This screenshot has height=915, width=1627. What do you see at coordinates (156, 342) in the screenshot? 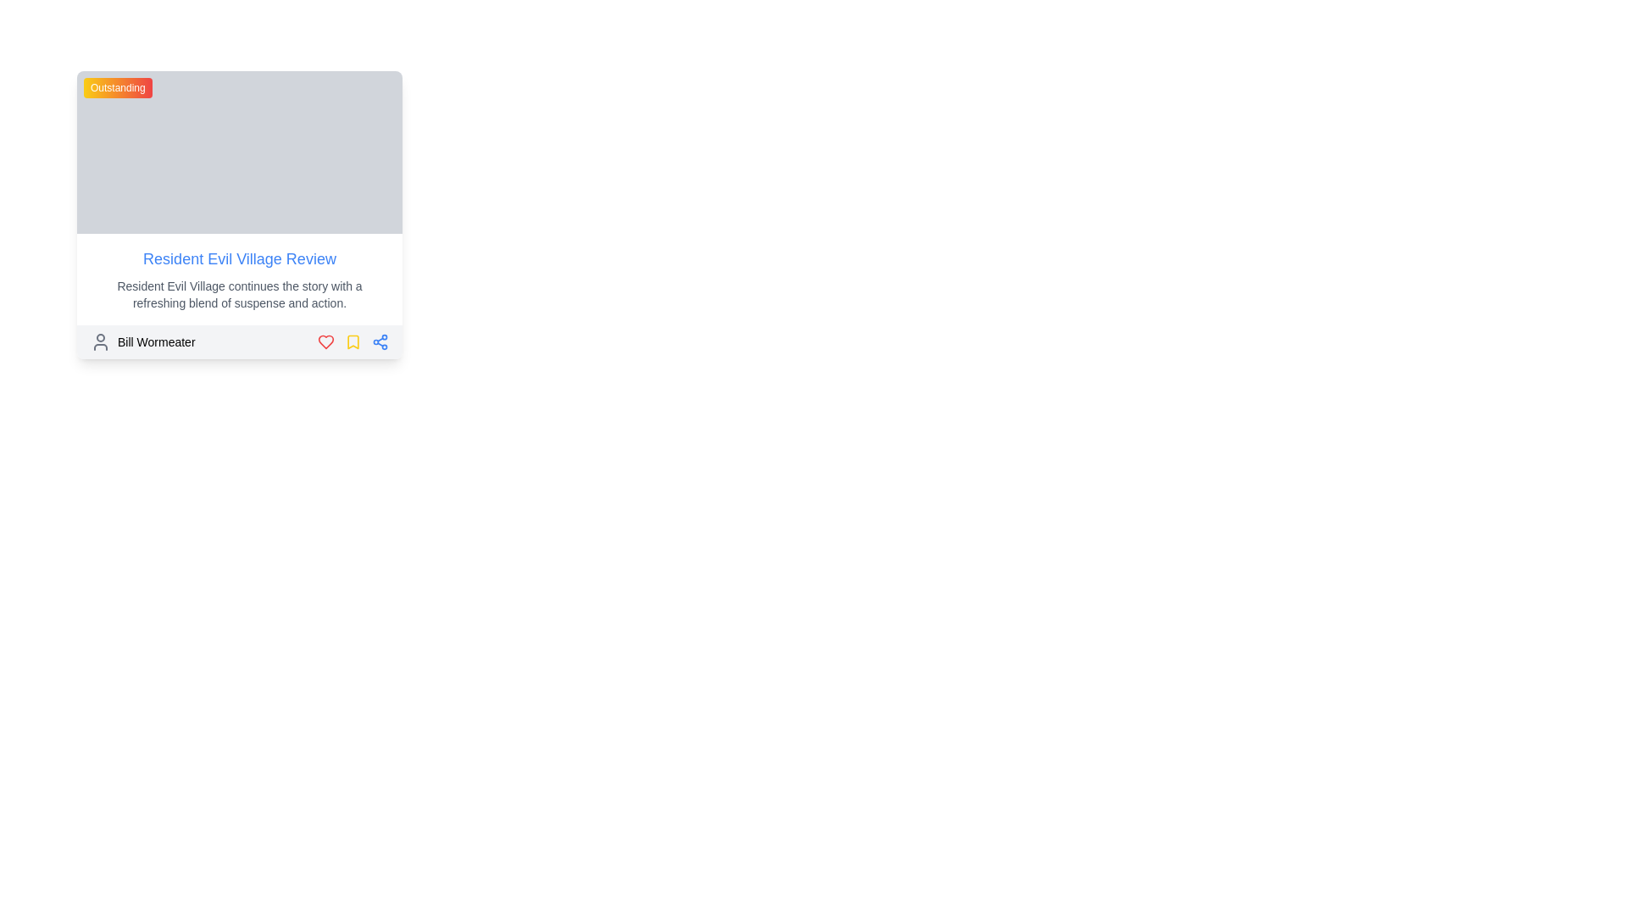
I see `the user associated with the name 'Bill Wormeater' displayed` at bounding box center [156, 342].